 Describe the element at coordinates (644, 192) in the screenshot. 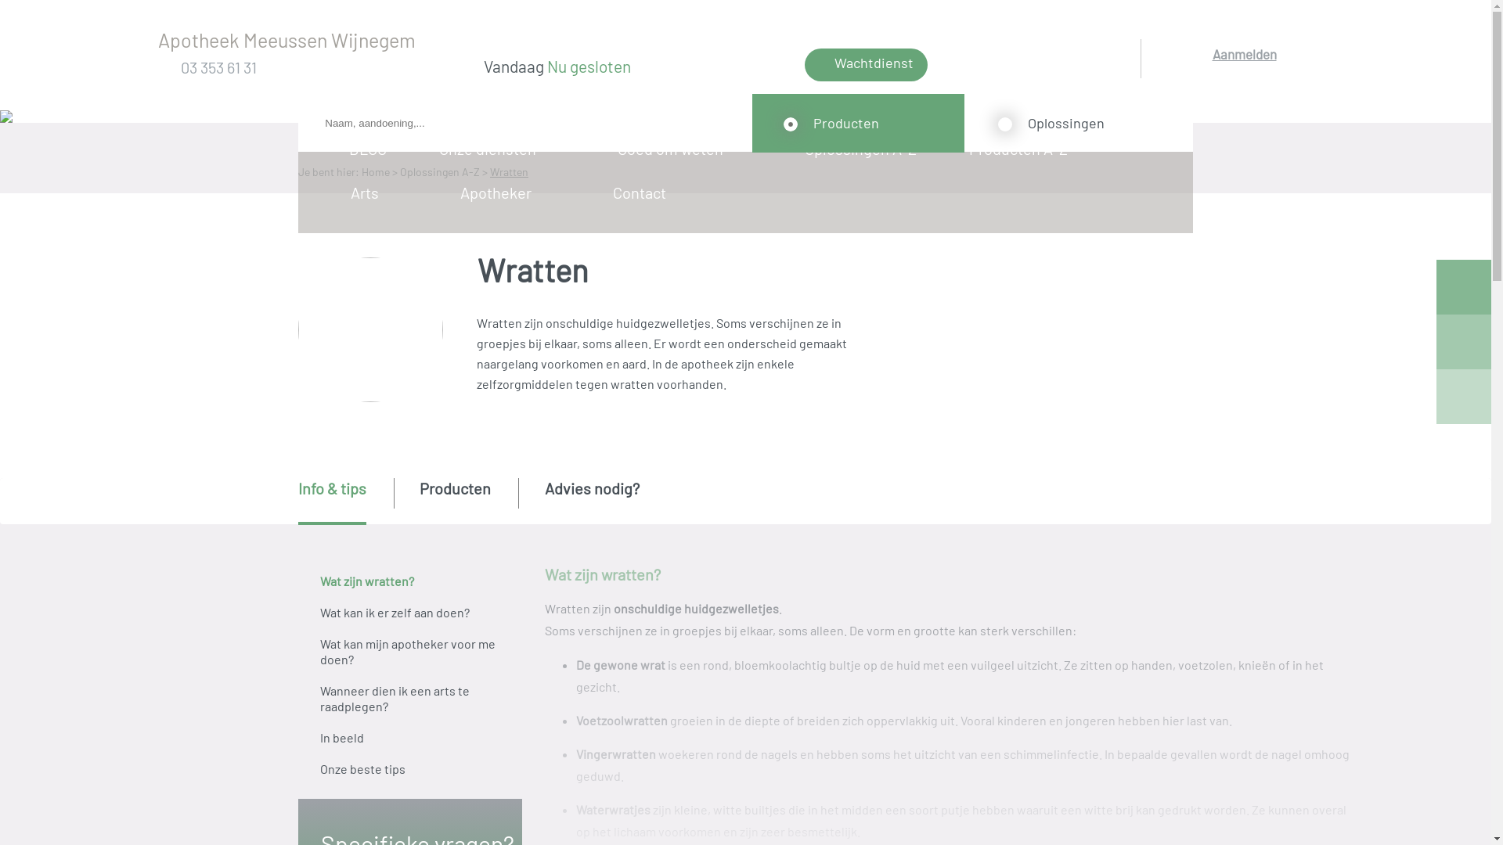

I see `'Contact'` at that location.